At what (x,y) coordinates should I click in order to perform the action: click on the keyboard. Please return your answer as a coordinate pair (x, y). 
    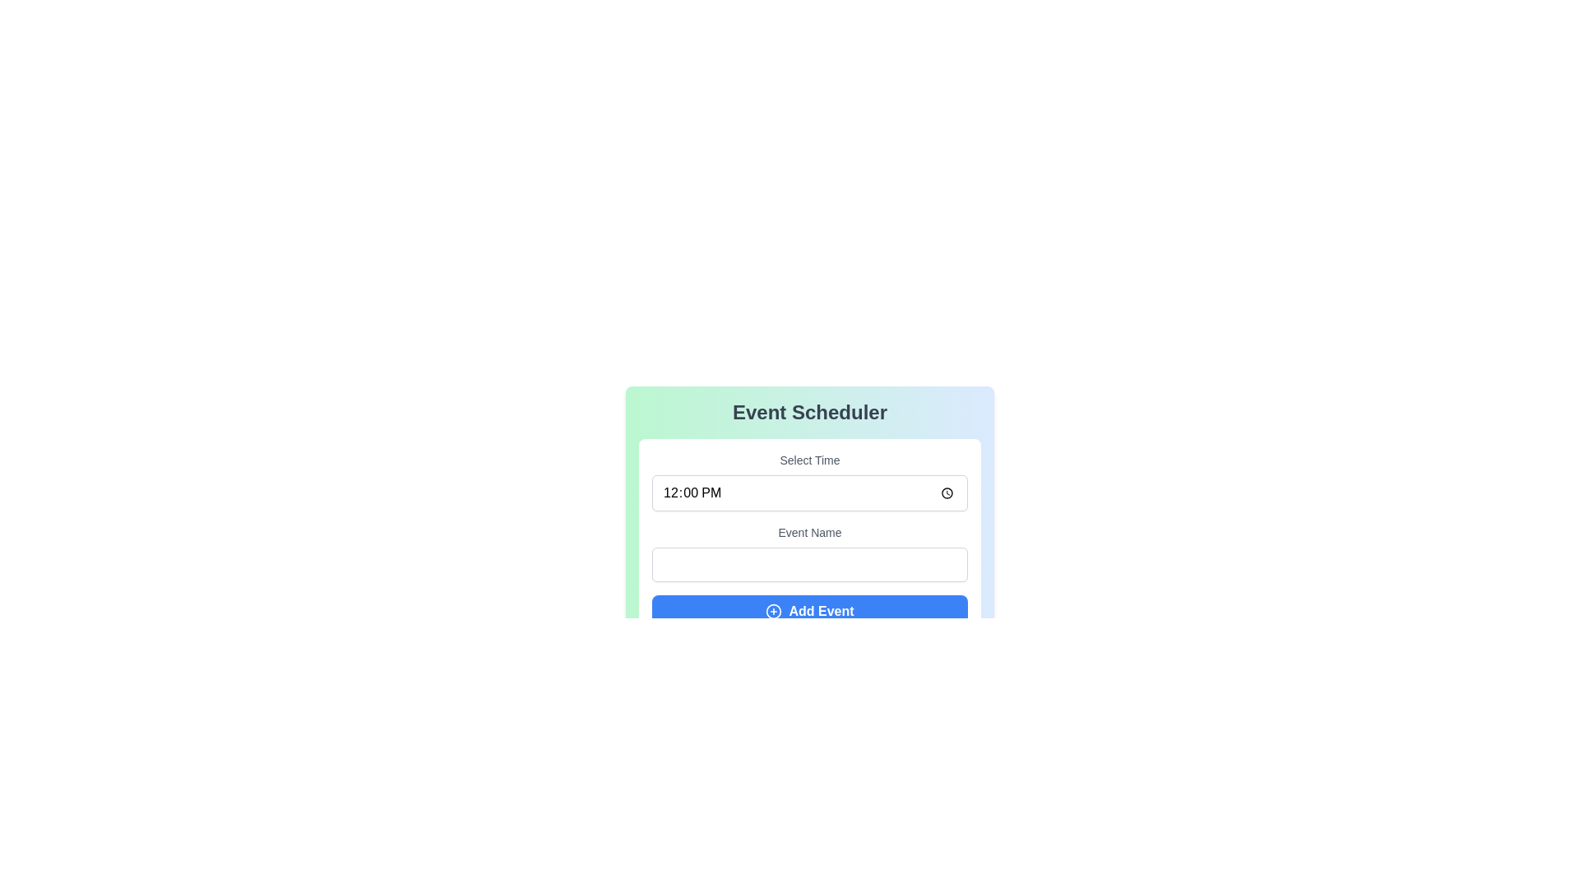
    Looking at the image, I should click on (809, 493).